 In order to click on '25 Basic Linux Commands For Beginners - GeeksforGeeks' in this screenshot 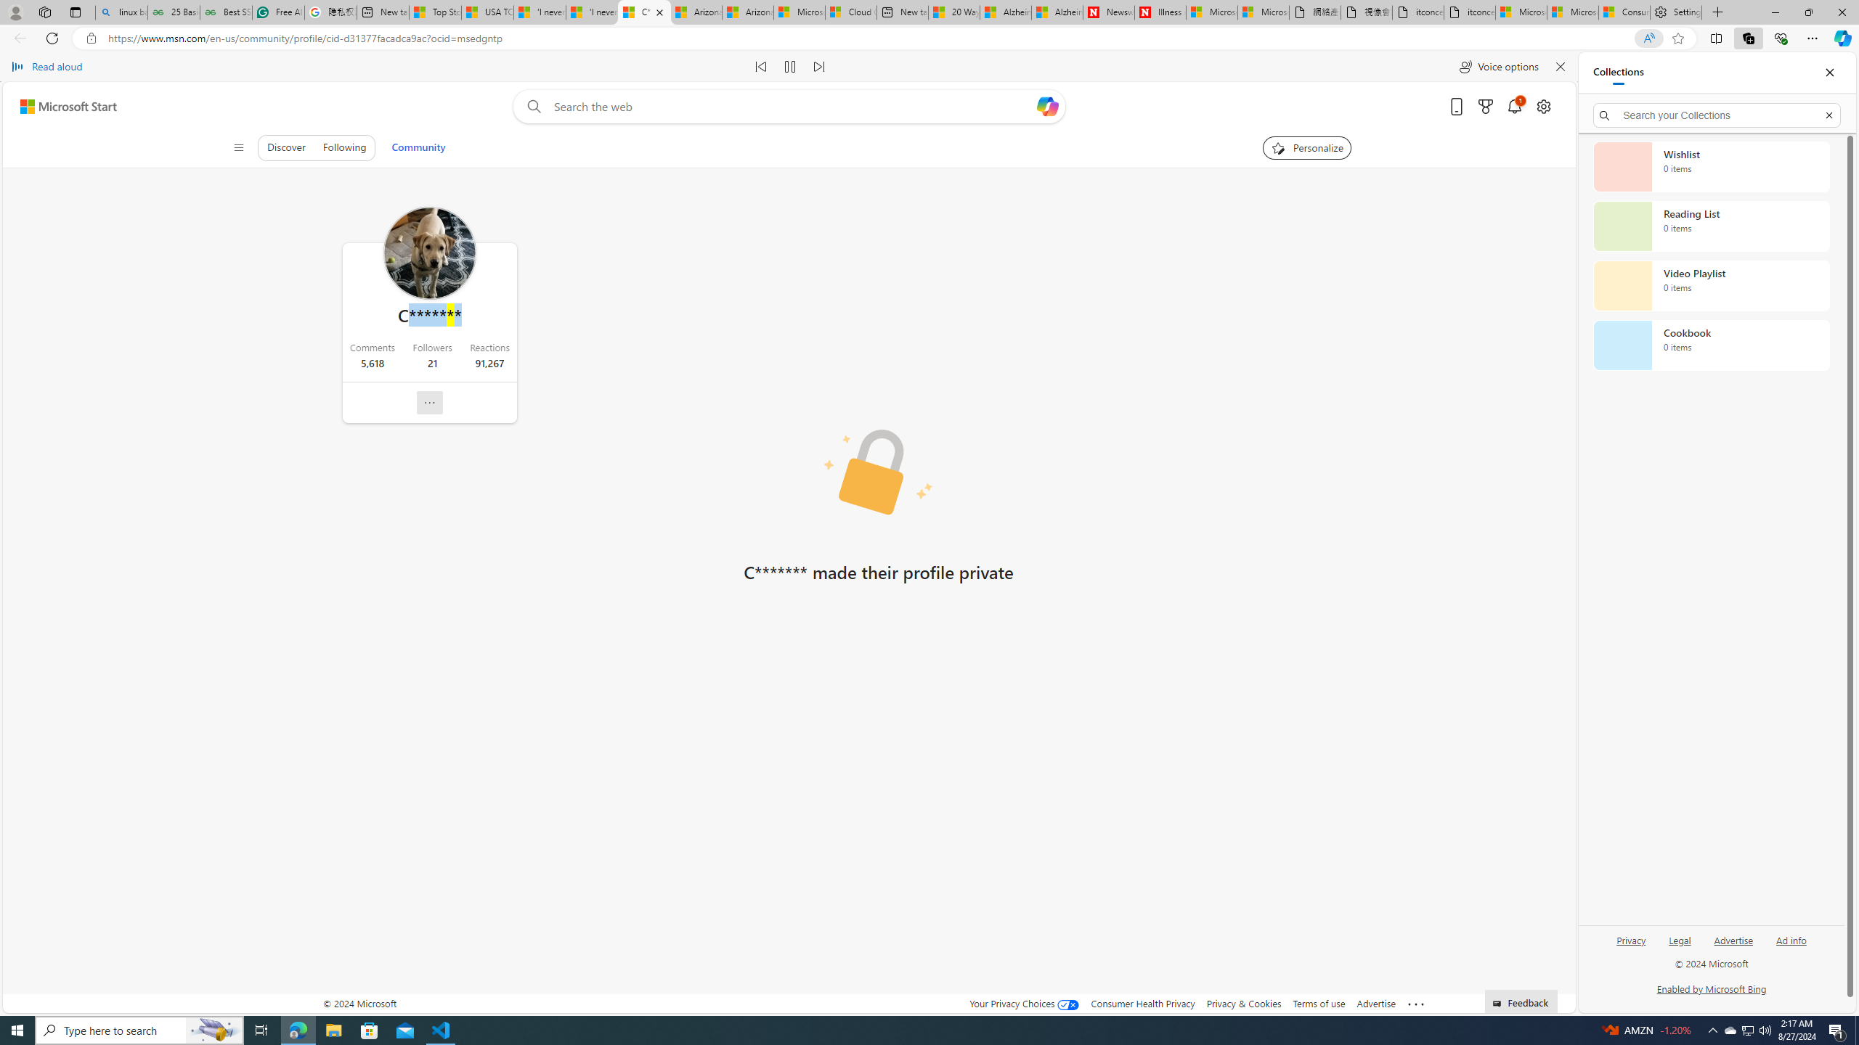, I will do `click(174, 12)`.